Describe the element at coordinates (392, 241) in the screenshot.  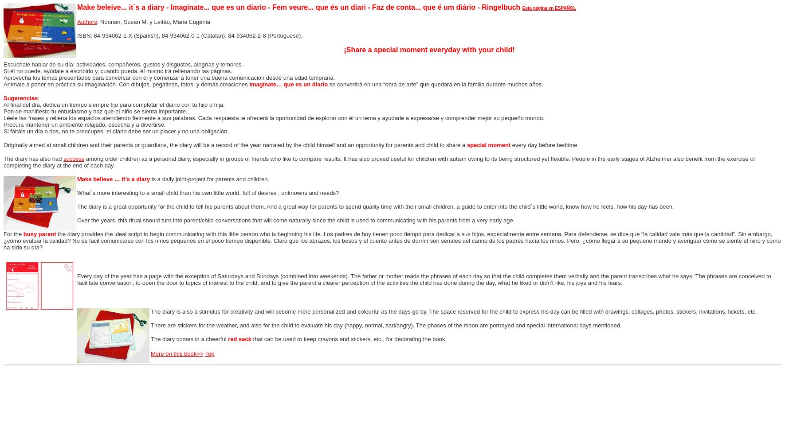
I see `'Los 
  padres de hoy tienen poco tiempo para dedicar a sus hijos, especialmente entre 
  semana. Para defenderse, se dice que “la calidad vale más que la 
  cantidad”. Sin embargo, ¿cómo evaluar la calidad? No es 
  fácil comunicarse con los niños pequeños en el poco tiempo 
  disponible. Claro que los abrazos, los besos y el cuento antes de dormir son 
  señales del cariño de los padres hacía los niños. 
  Pero, ¿cómo llegar a su pequeño mundo y averiguar cómo 
  se siente el niño y cómo ha sido su día?'` at that location.